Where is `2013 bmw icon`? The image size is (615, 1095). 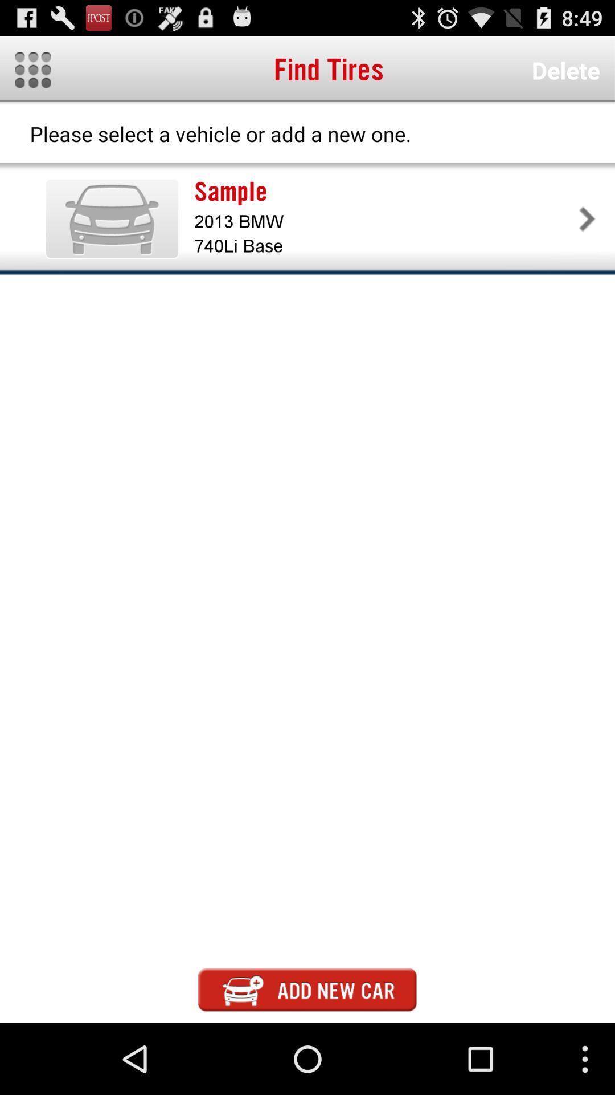
2013 bmw icon is located at coordinates (384, 221).